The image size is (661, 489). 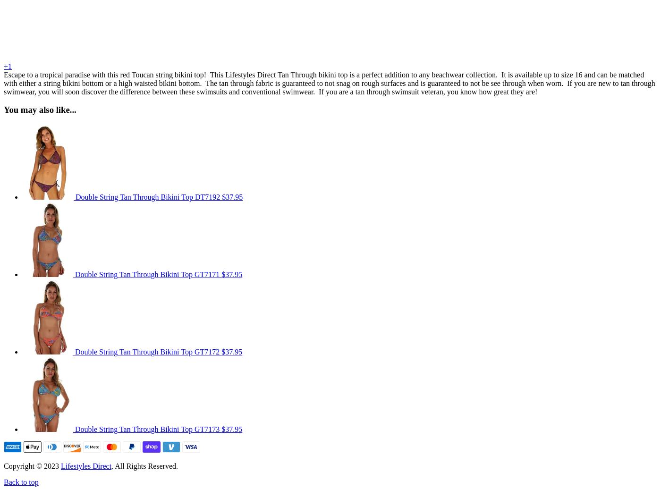 I want to click on '+1', so click(x=8, y=66).